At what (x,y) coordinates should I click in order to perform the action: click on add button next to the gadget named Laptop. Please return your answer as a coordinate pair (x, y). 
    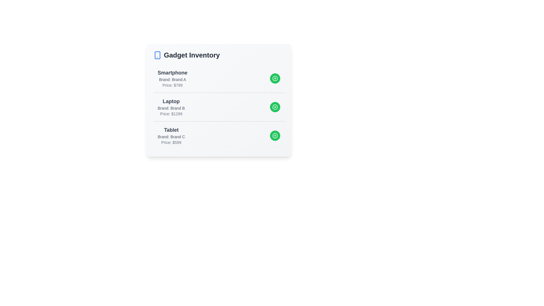
    Looking at the image, I should click on (275, 107).